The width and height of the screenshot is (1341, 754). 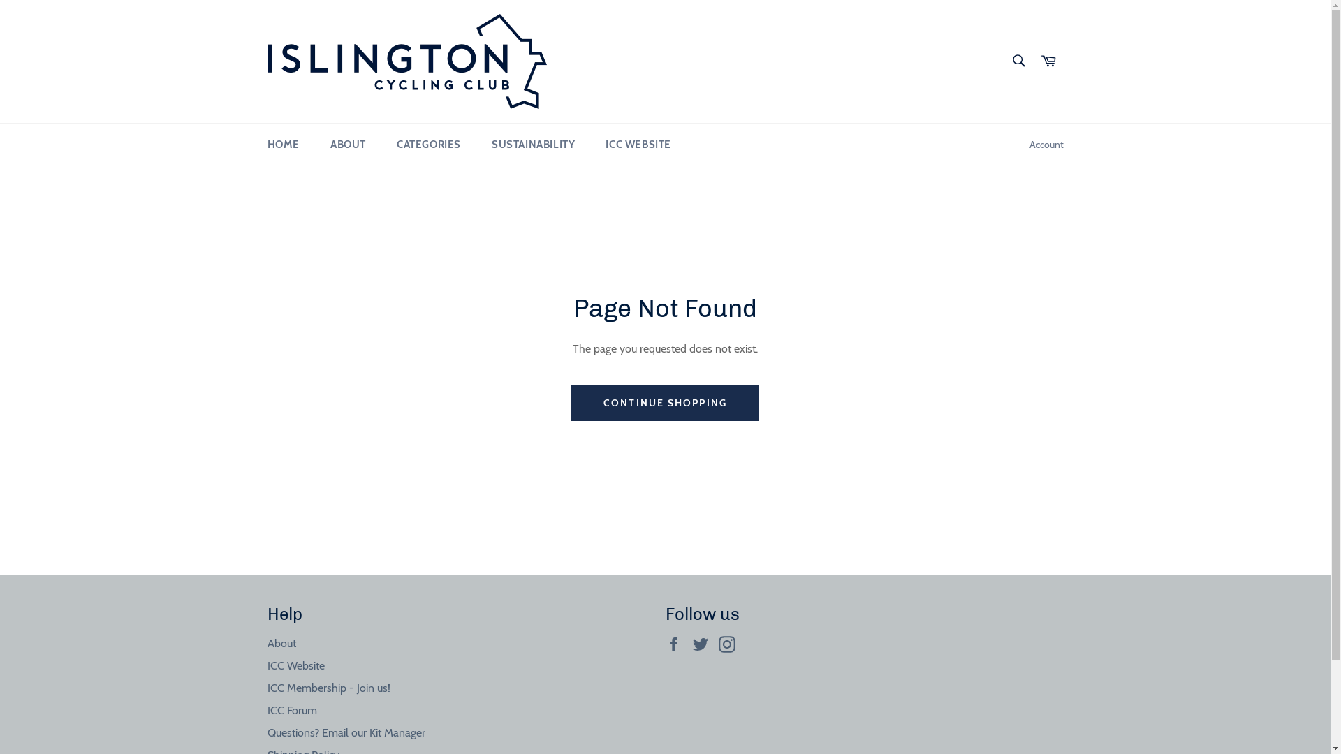 I want to click on 'ICC Forum', so click(x=267, y=710).